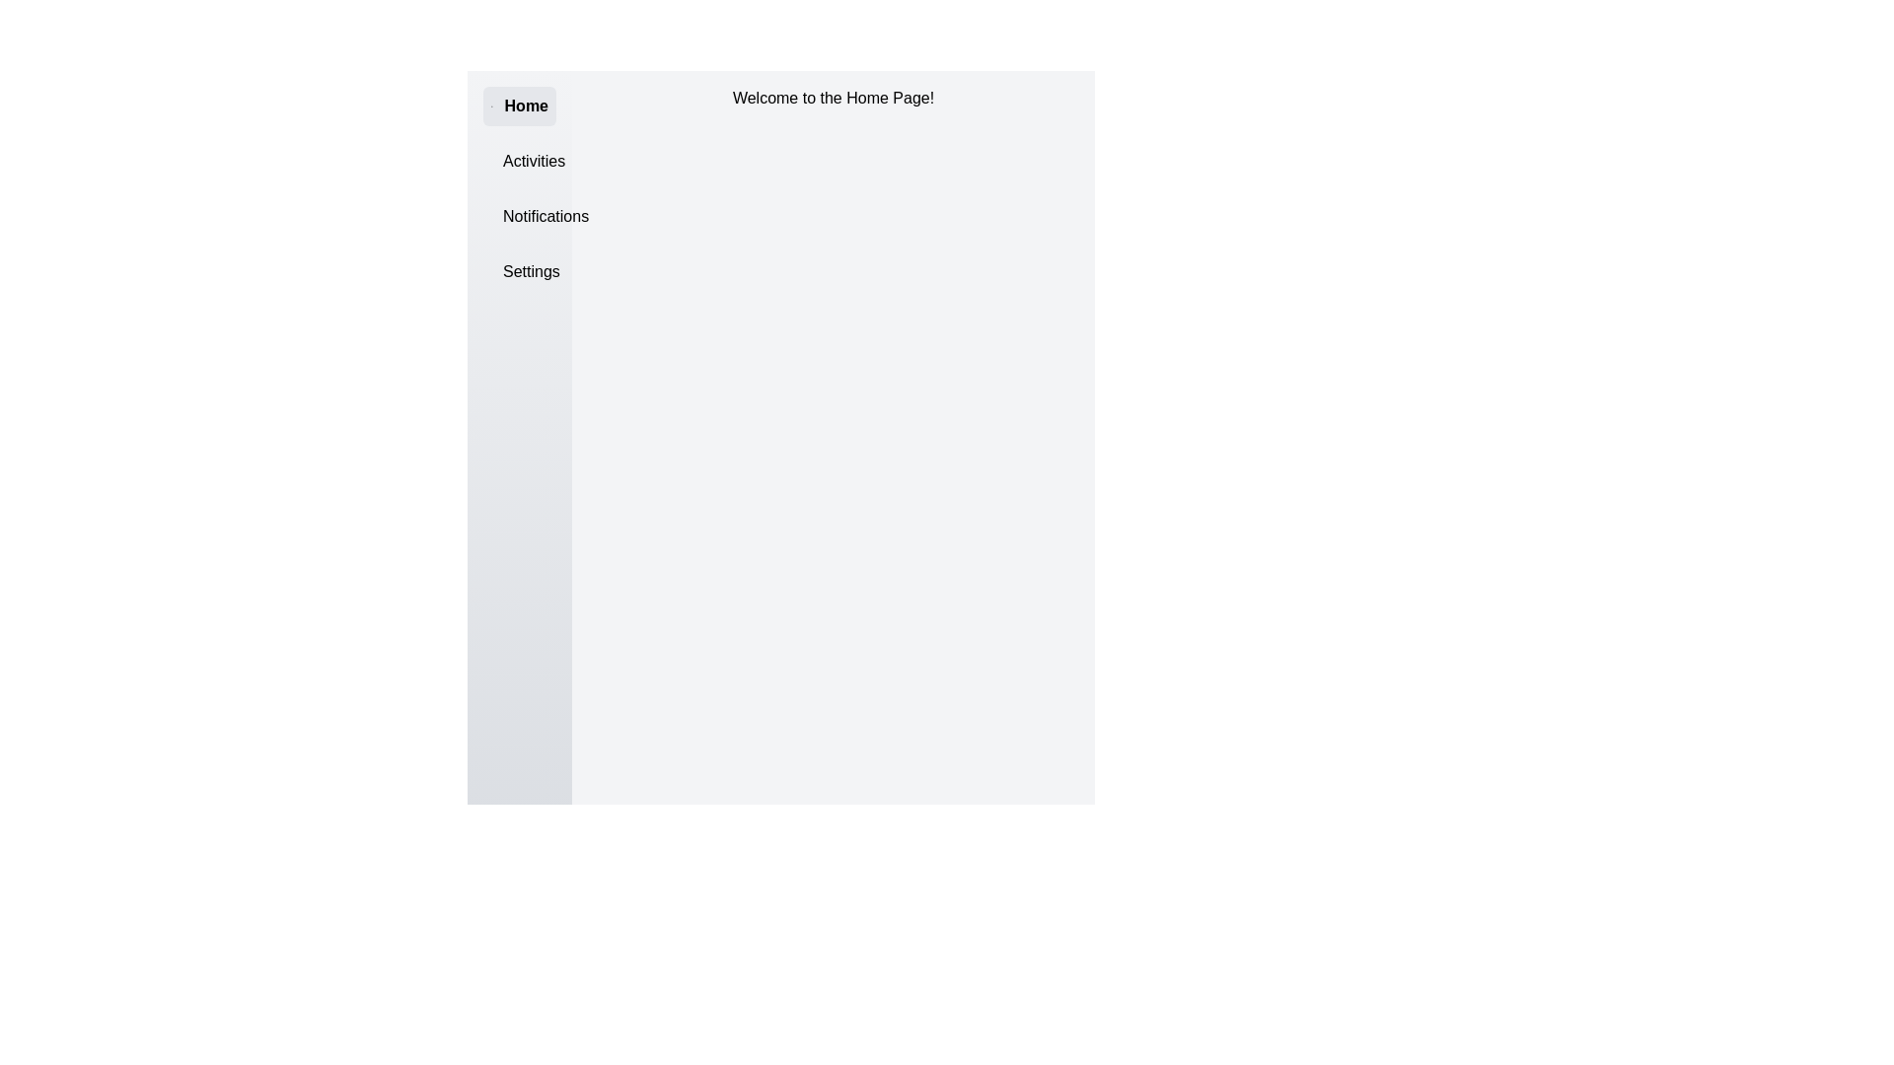 Image resolution: width=1894 pixels, height=1065 pixels. What do you see at coordinates (520, 216) in the screenshot?
I see `the third menu item in the vertical menu on the left-hand side` at bounding box center [520, 216].